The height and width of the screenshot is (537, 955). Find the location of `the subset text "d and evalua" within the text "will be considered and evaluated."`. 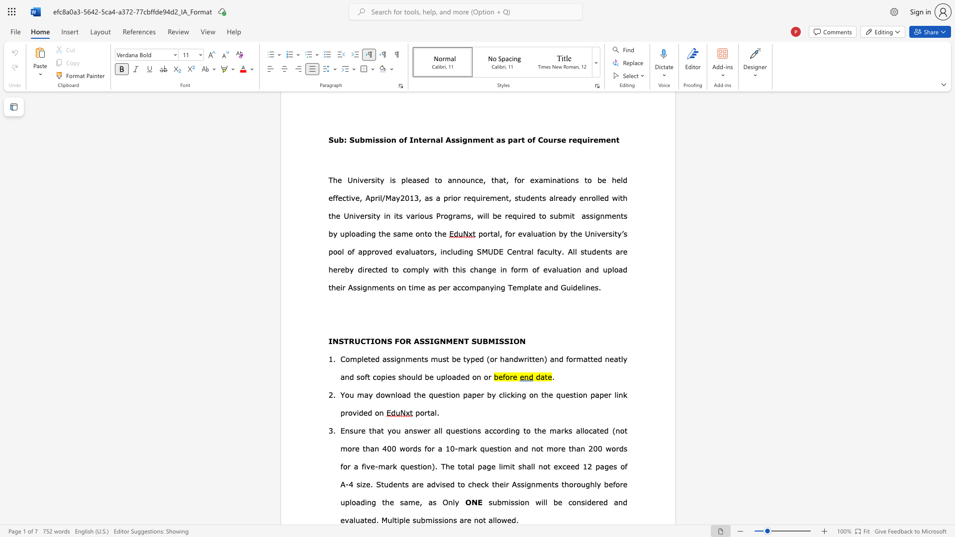

the subset text "d and evalua" within the text "will be considered and evaluated." is located at coordinates (603, 502).